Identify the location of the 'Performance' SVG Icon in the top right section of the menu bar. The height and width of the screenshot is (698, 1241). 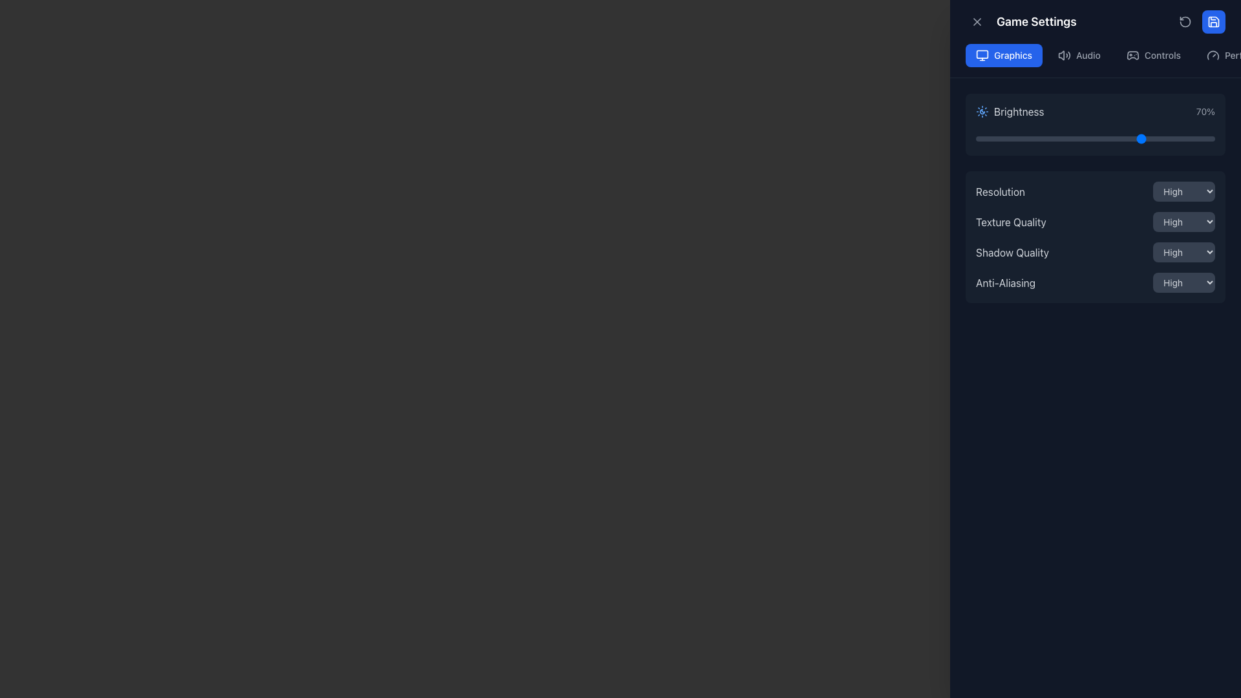
(1212, 54).